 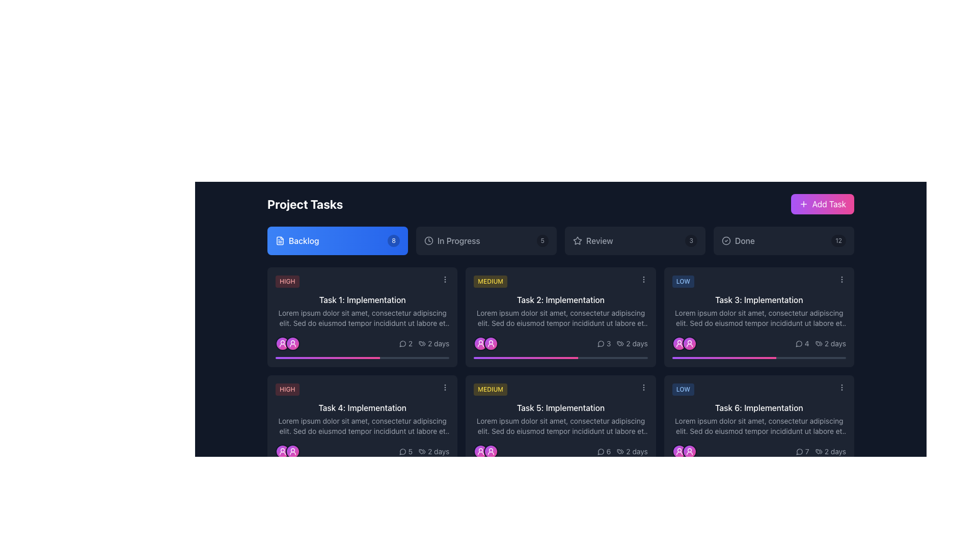 I want to click on the relationship between the speech bubble icon with the number '5' in the bottom-right corner of the task card, so click(x=405, y=451).